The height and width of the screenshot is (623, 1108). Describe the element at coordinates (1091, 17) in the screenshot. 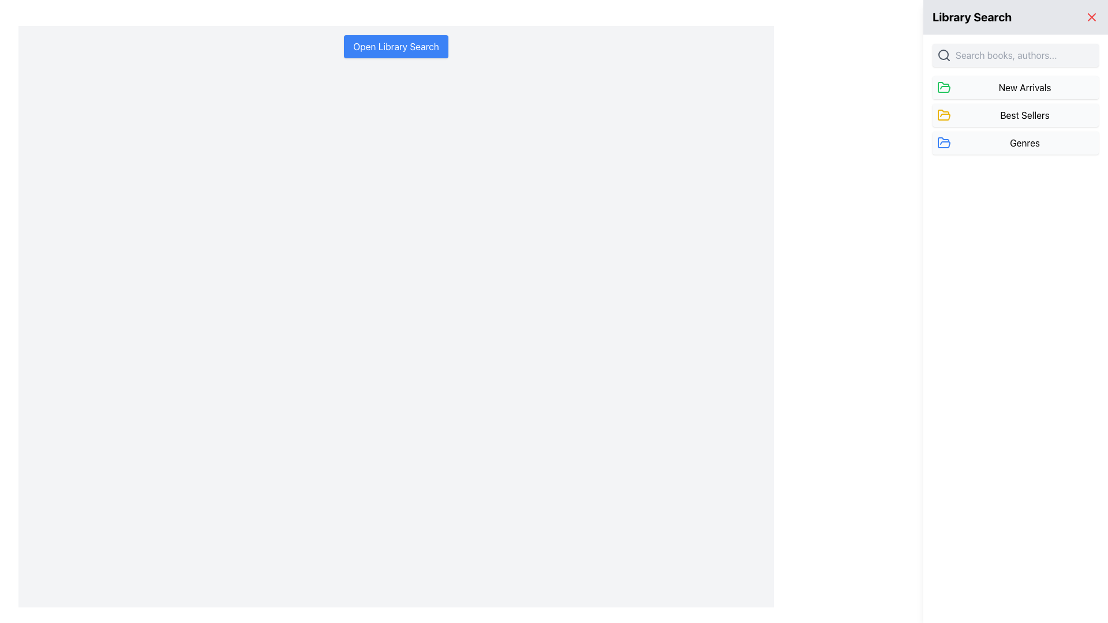

I see `the close button in the top-right corner of the 'Library Search' sidebar` at that location.